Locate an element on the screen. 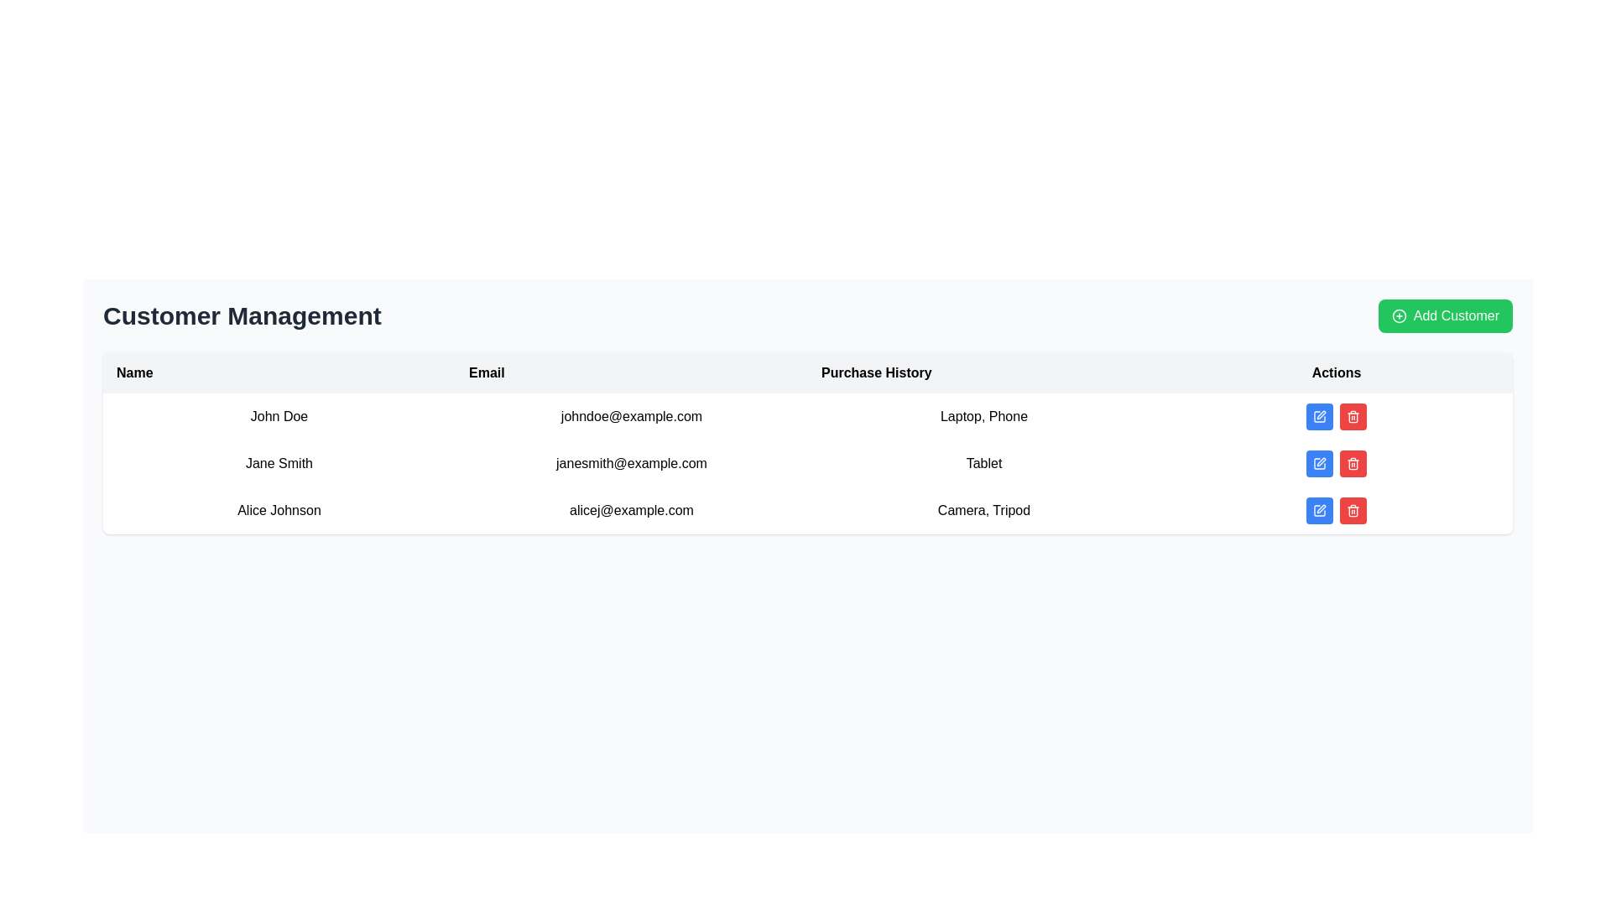 This screenshot has width=1611, height=906. the delete button with a trash bin icon located in the 'Actions' column of the data table is located at coordinates (1353, 510).